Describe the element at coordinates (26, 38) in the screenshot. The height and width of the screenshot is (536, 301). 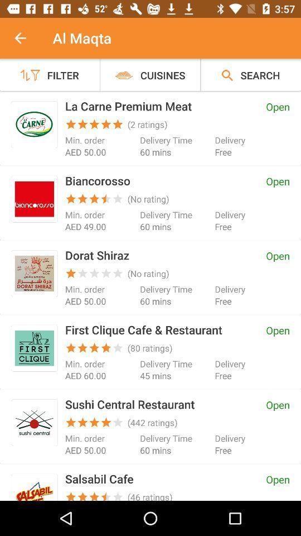
I see `the item next to the al maqta item` at that location.